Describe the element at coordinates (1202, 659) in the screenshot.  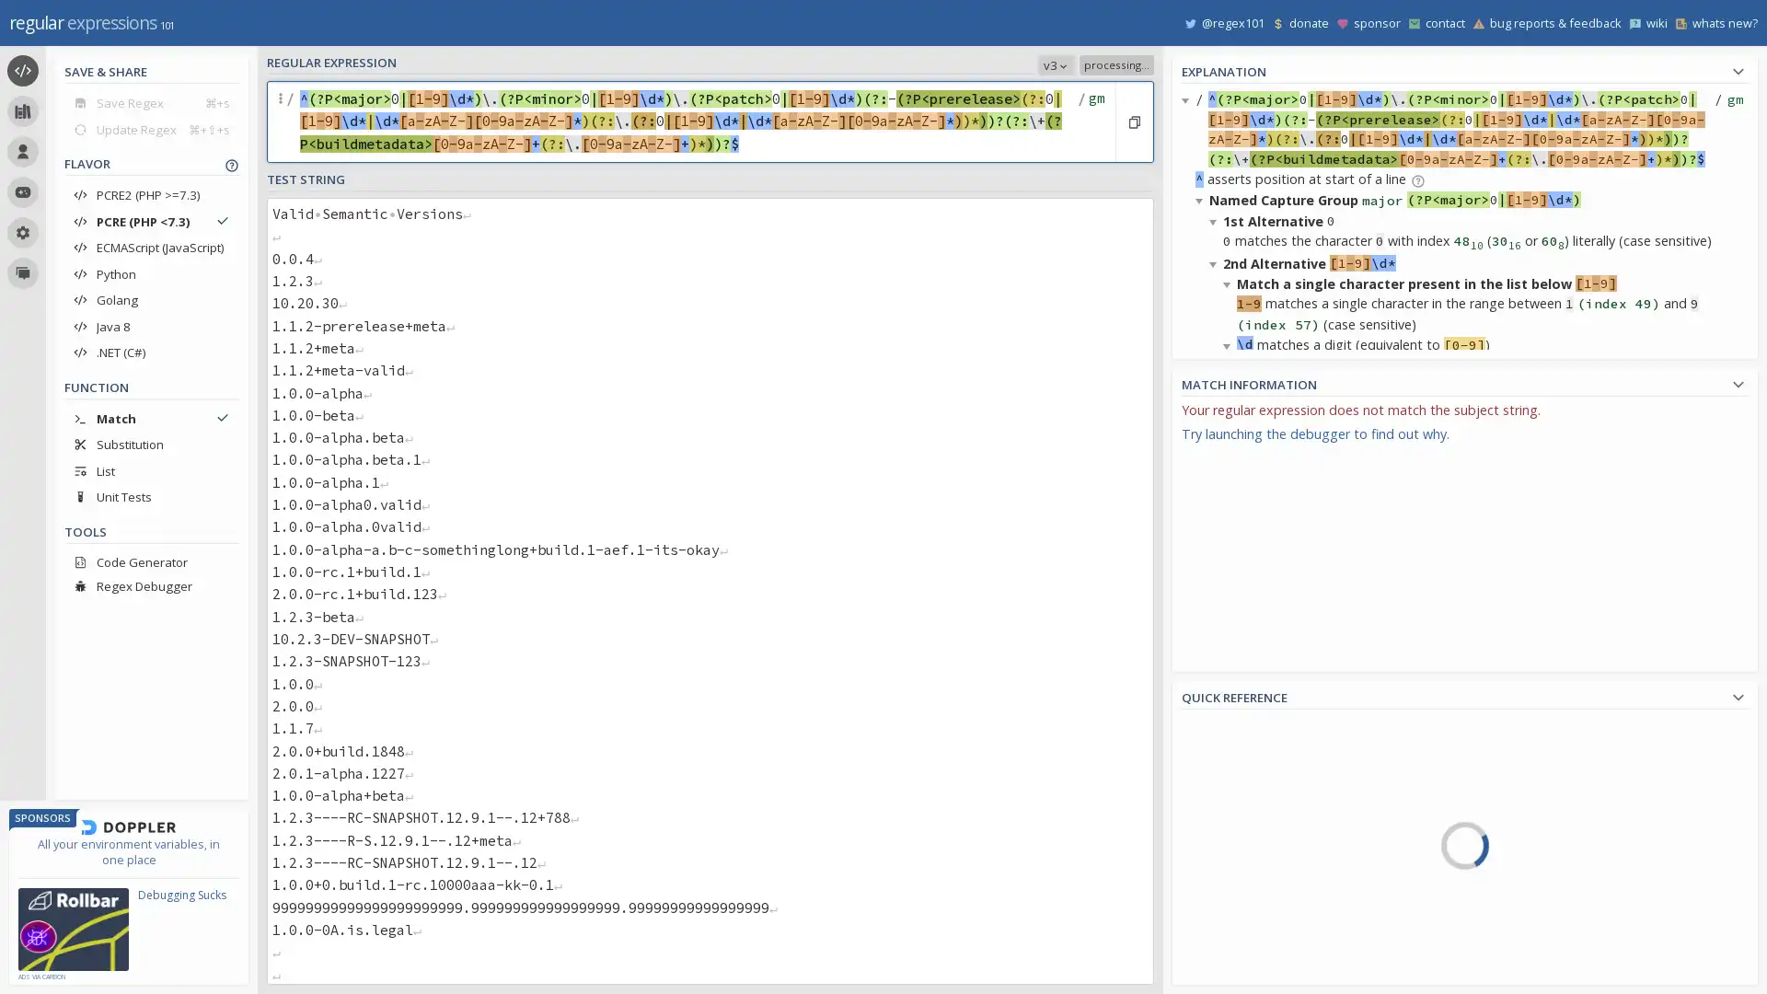
I see `Collapse Subtree` at that location.